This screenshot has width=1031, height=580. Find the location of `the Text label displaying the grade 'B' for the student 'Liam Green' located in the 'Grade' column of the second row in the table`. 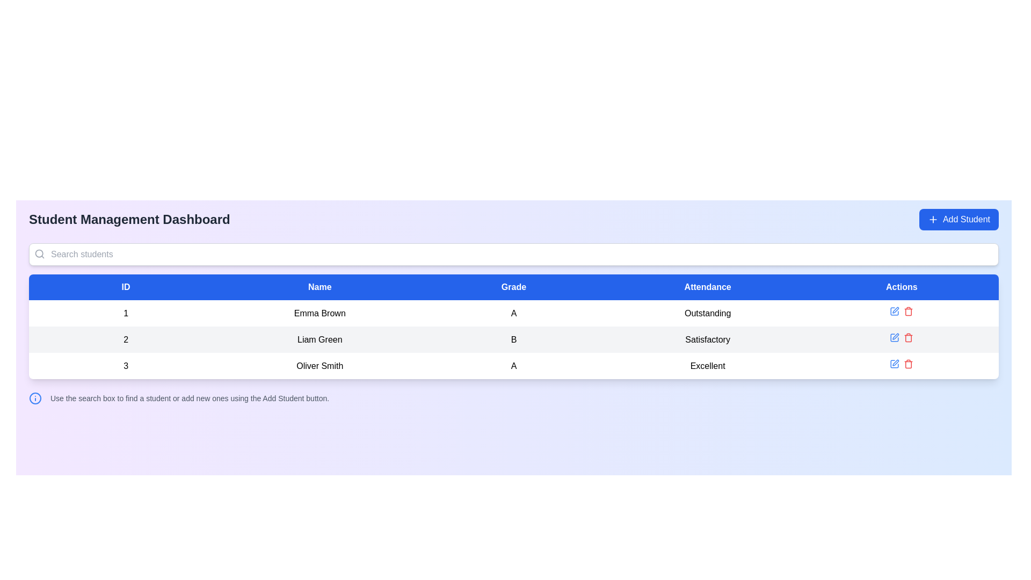

the Text label displaying the grade 'B' for the student 'Liam Green' located in the 'Grade' column of the second row in the table is located at coordinates (513, 339).